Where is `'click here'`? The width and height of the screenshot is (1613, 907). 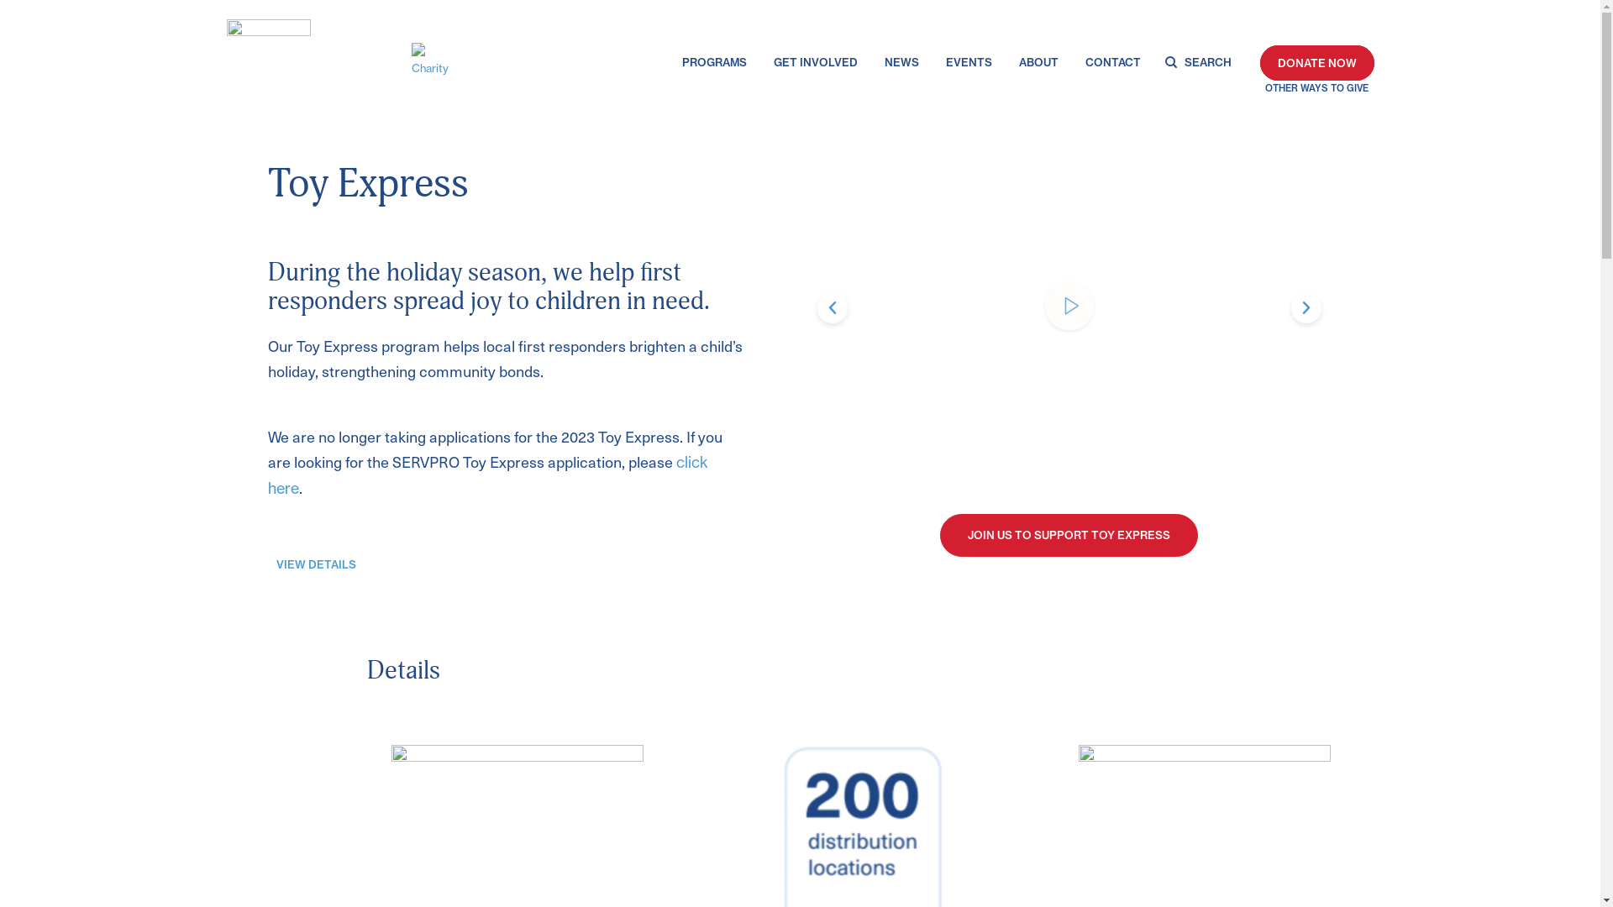 'click here' is located at coordinates (486, 475).